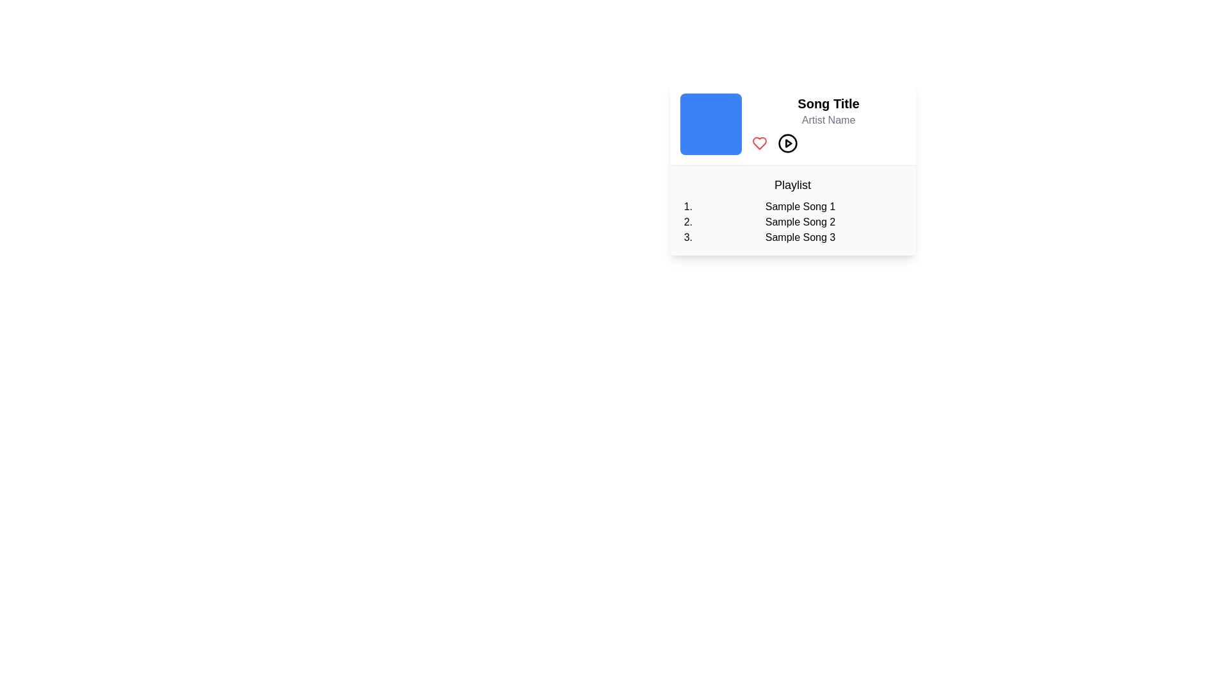 This screenshot has width=1230, height=692. What do you see at coordinates (787, 143) in the screenshot?
I see `the playback button icon to trigger its tooltip, indicating playback functionality for the associated song or album` at bounding box center [787, 143].